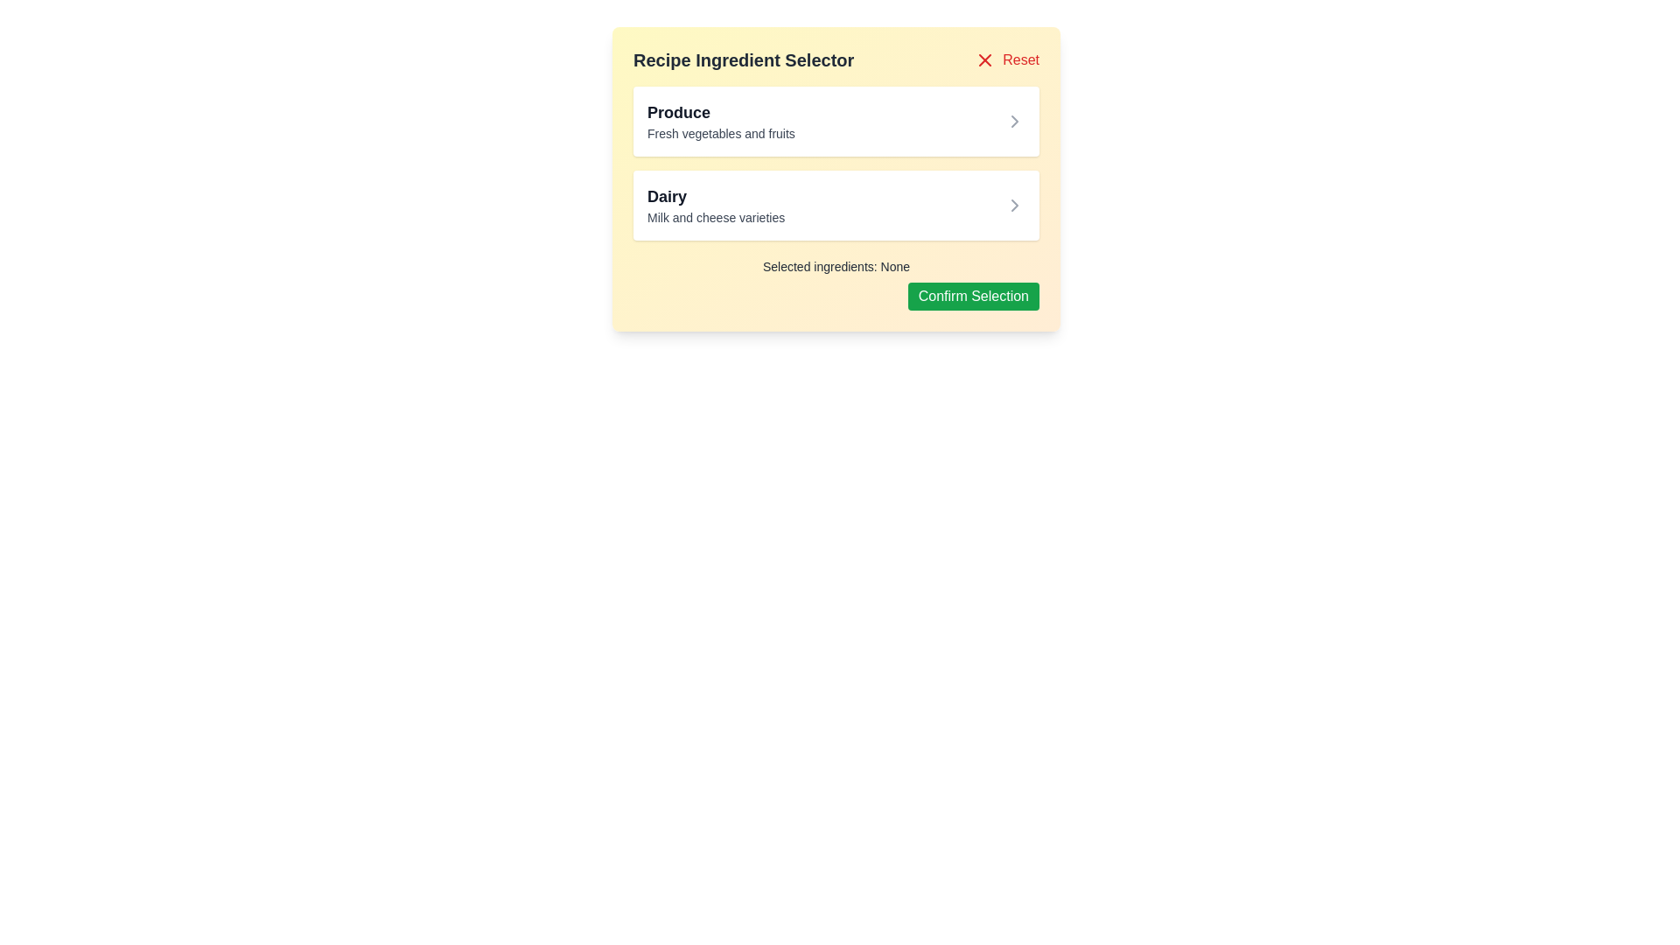  Describe the element at coordinates (985, 59) in the screenshot. I see `the reset icon located in the upper-right corner of the 'Recipe Ingredient Selector' component` at that location.